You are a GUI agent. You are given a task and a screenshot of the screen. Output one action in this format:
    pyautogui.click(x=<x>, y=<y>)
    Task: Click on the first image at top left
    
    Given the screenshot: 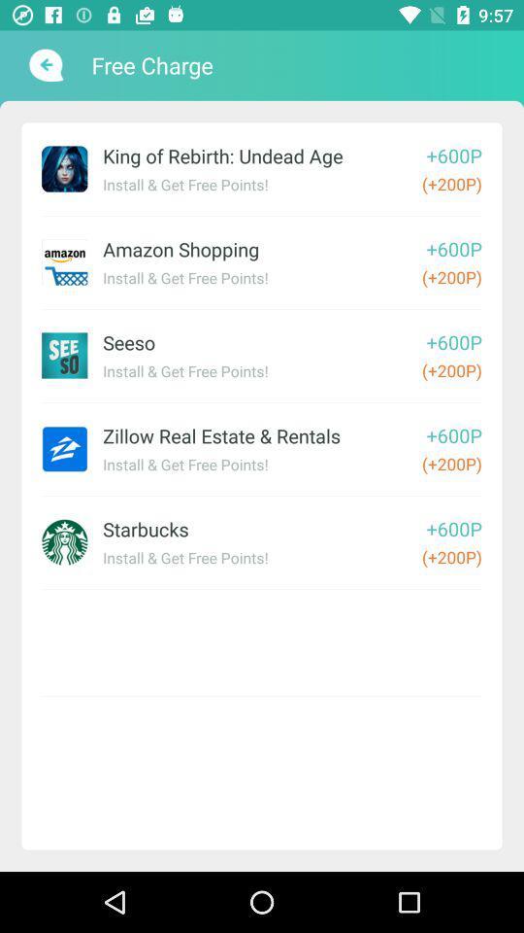 What is the action you would take?
    pyautogui.click(x=64, y=167)
    